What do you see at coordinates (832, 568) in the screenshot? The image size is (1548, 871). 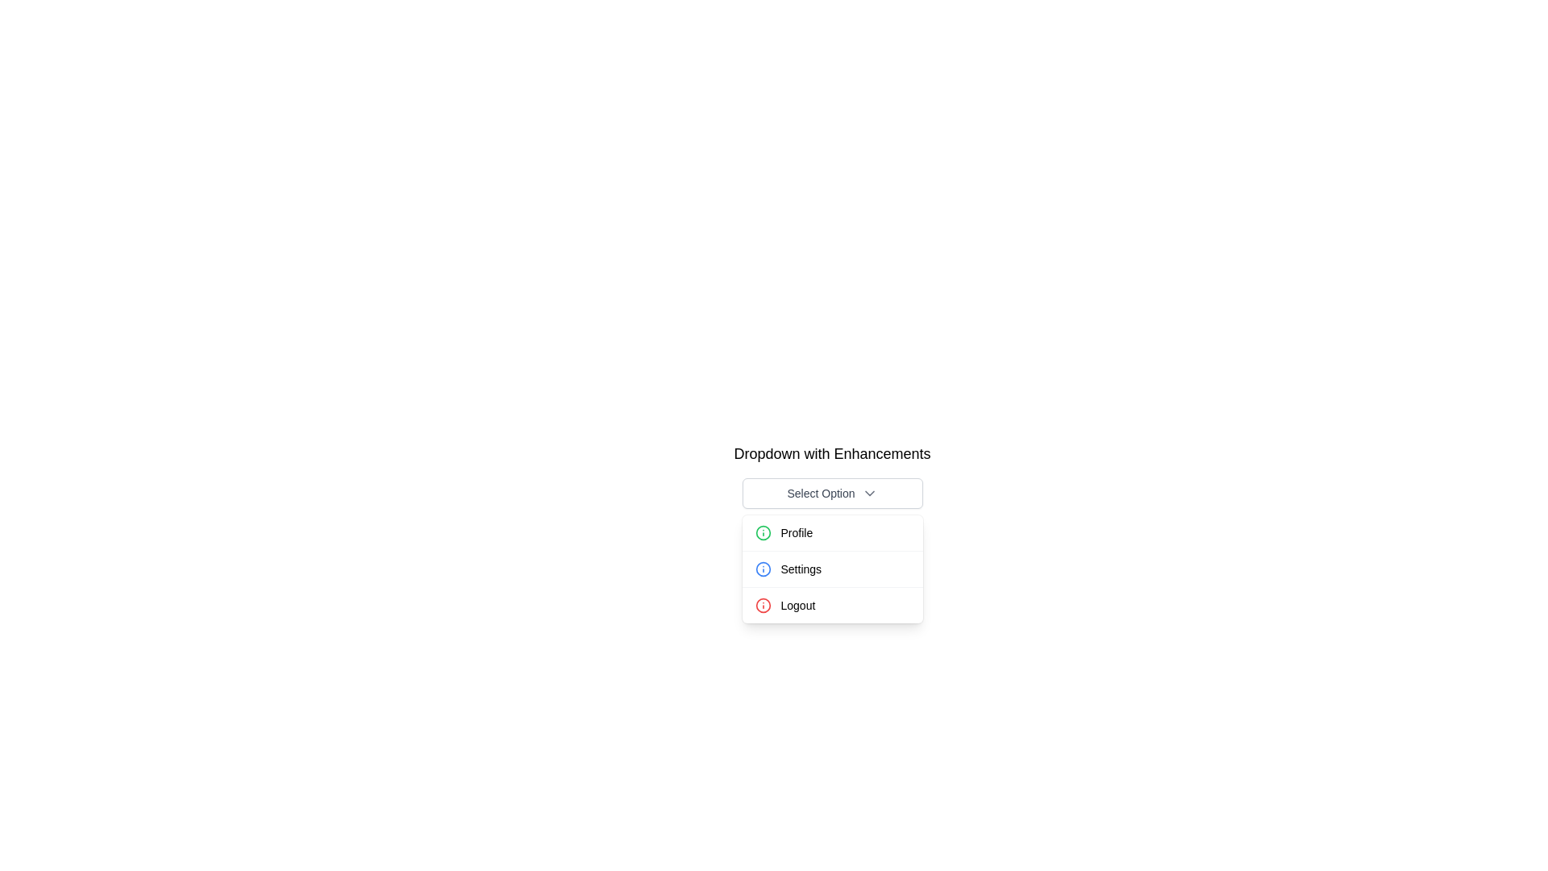 I see `the 'Settings' option` at bounding box center [832, 568].